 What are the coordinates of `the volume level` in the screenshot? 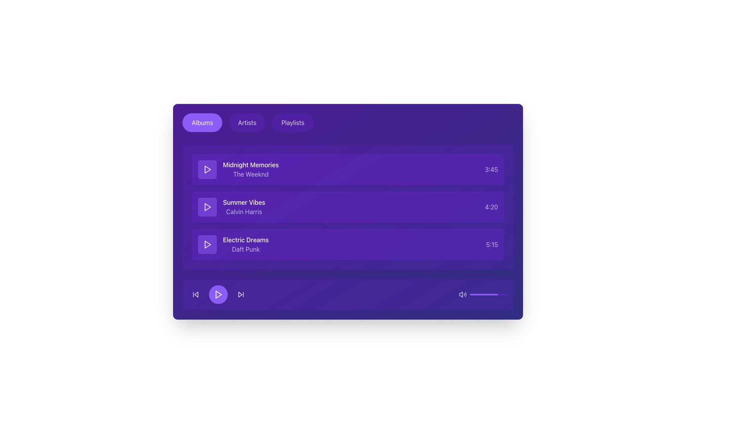 It's located at (477, 294).